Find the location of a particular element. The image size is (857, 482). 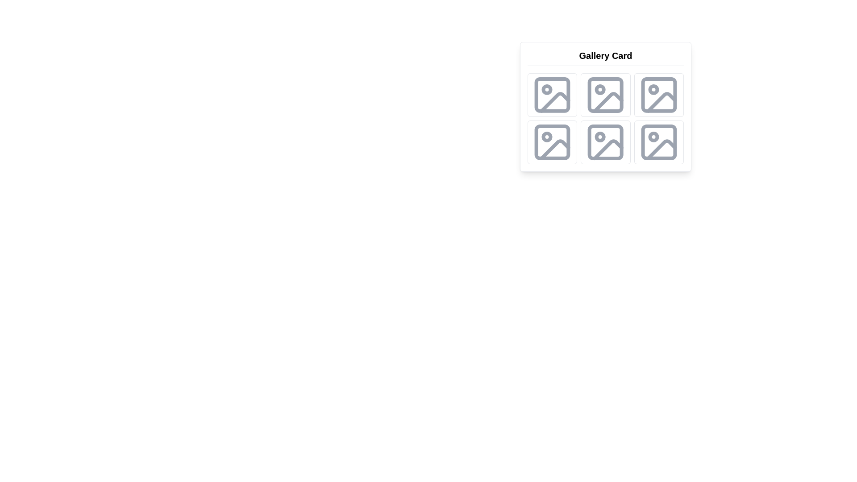

the static text element that serves as a descriptive caption for the gallery card located in the bottom section of the last card in the second row of the grid layout to make it more visible is located at coordinates (552, 158).